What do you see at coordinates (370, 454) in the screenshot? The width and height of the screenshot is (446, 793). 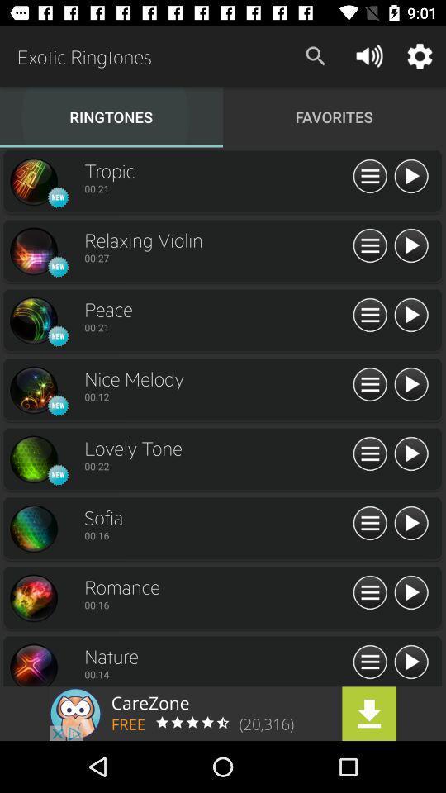 I see `expand settings` at bounding box center [370, 454].